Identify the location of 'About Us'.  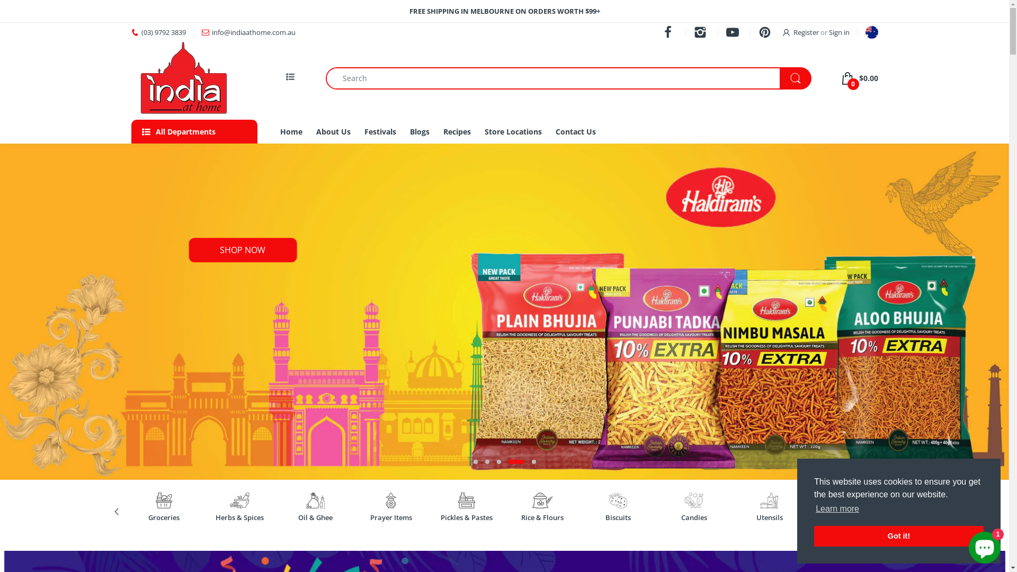
(333, 131).